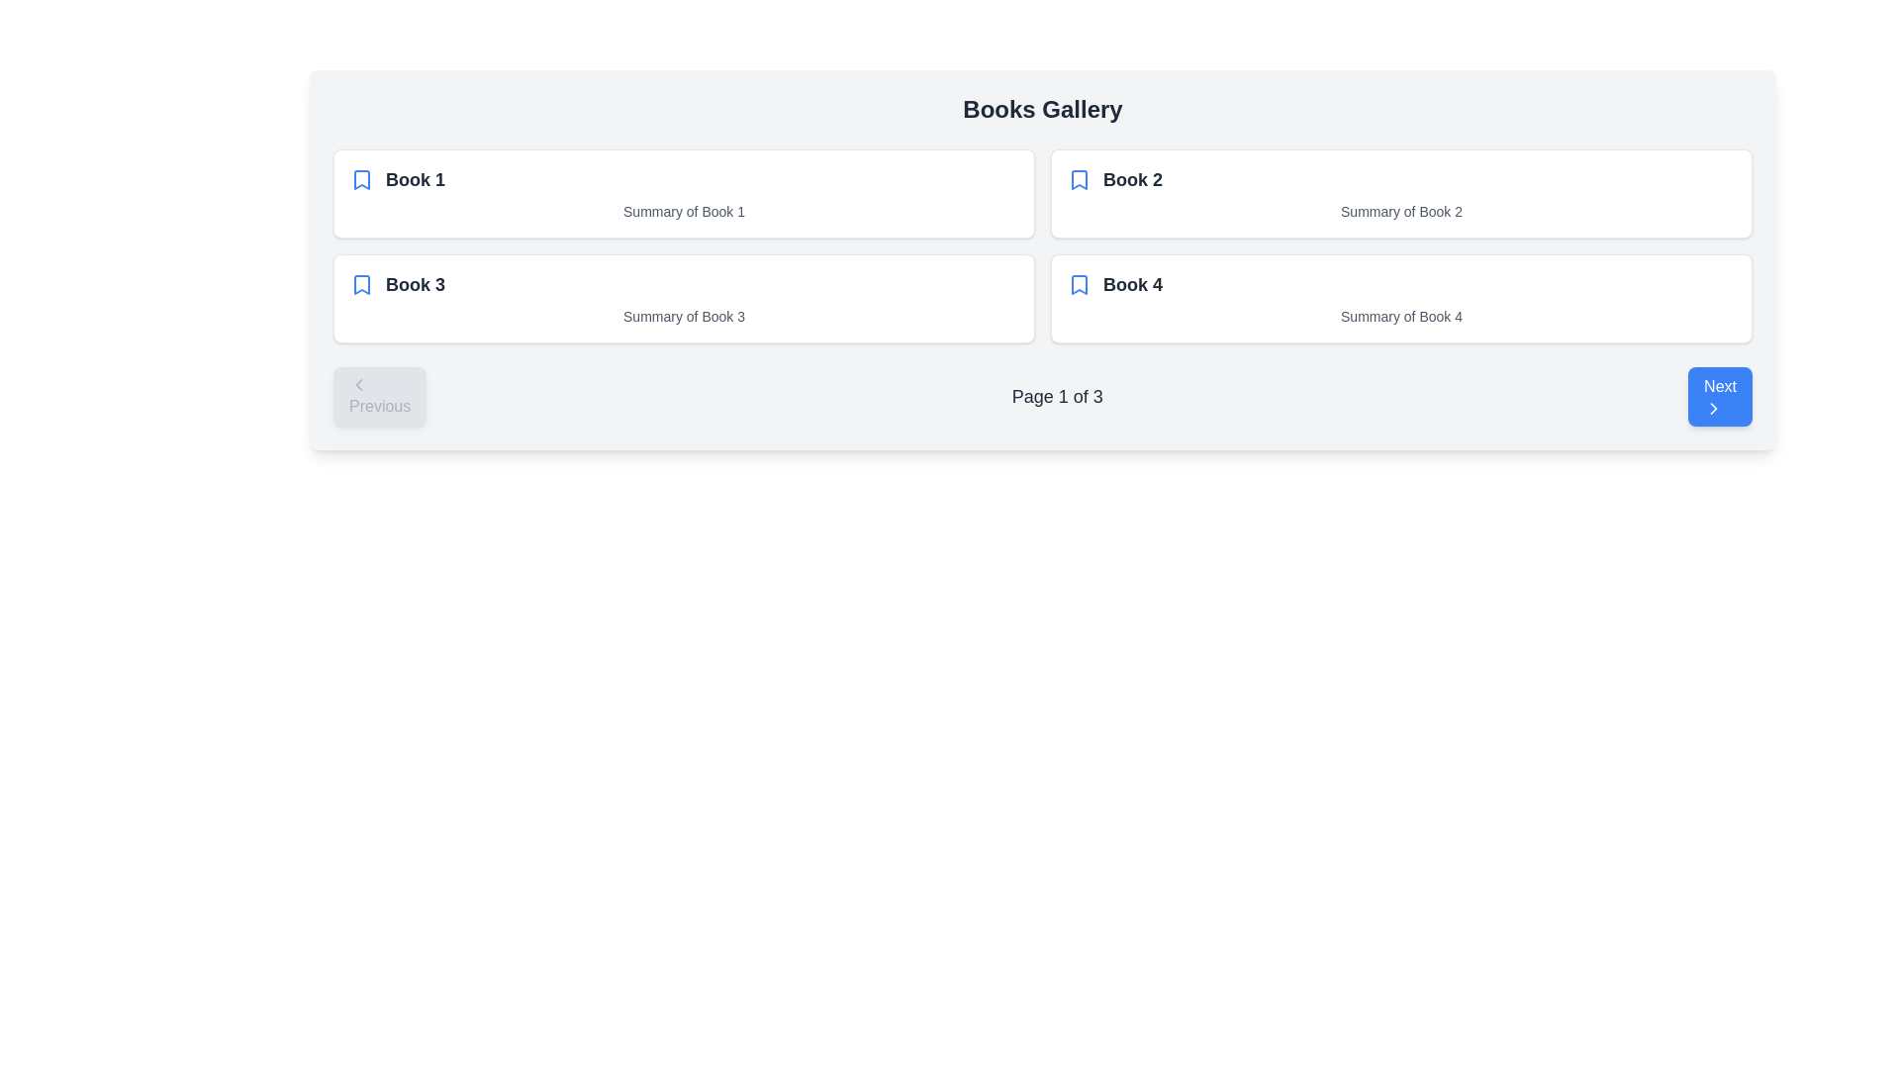  What do you see at coordinates (684, 211) in the screenshot?
I see `the static text label displaying 'Summary of Book 1', which is located under the title 'Book 1' in gray color, indicating secondary information` at bounding box center [684, 211].